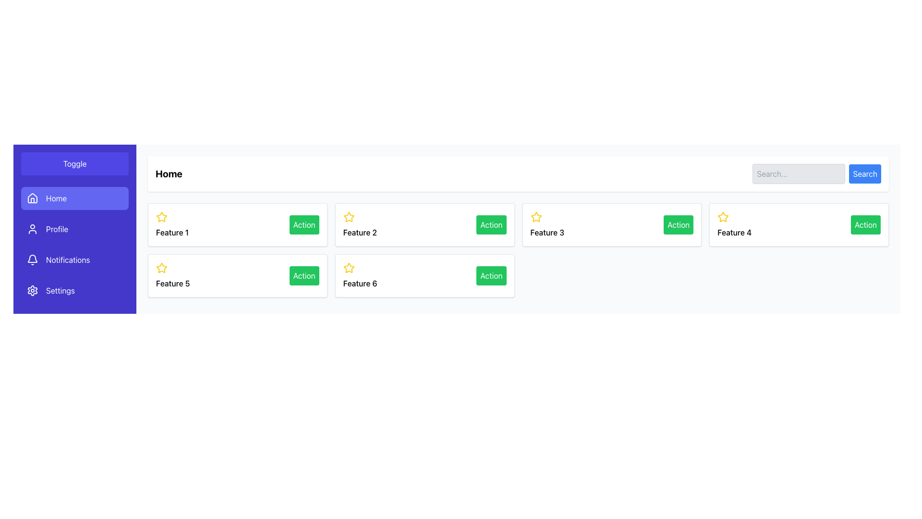  What do you see at coordinates (32, 200) in the screenshot?
I see `the door-like component of the home icon in the sidebar, which visually represents the 'Home' feature` at bounding box center [32, 200].